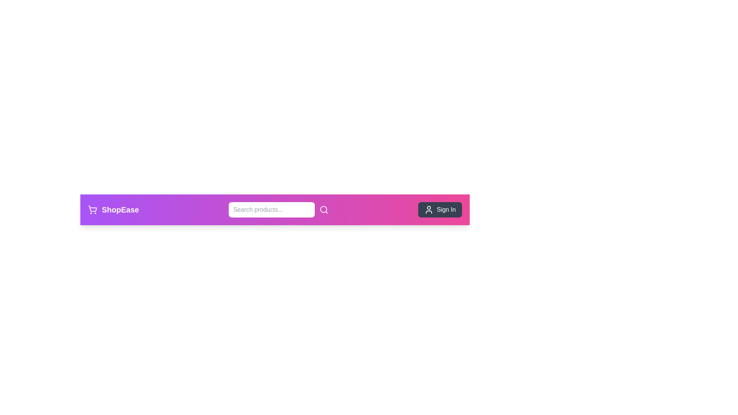  What do you see at coordinates (271, 210) in the screenshot?
I see `the search_input to trigger a tooltip or style change` at bounding box center [271, 210].